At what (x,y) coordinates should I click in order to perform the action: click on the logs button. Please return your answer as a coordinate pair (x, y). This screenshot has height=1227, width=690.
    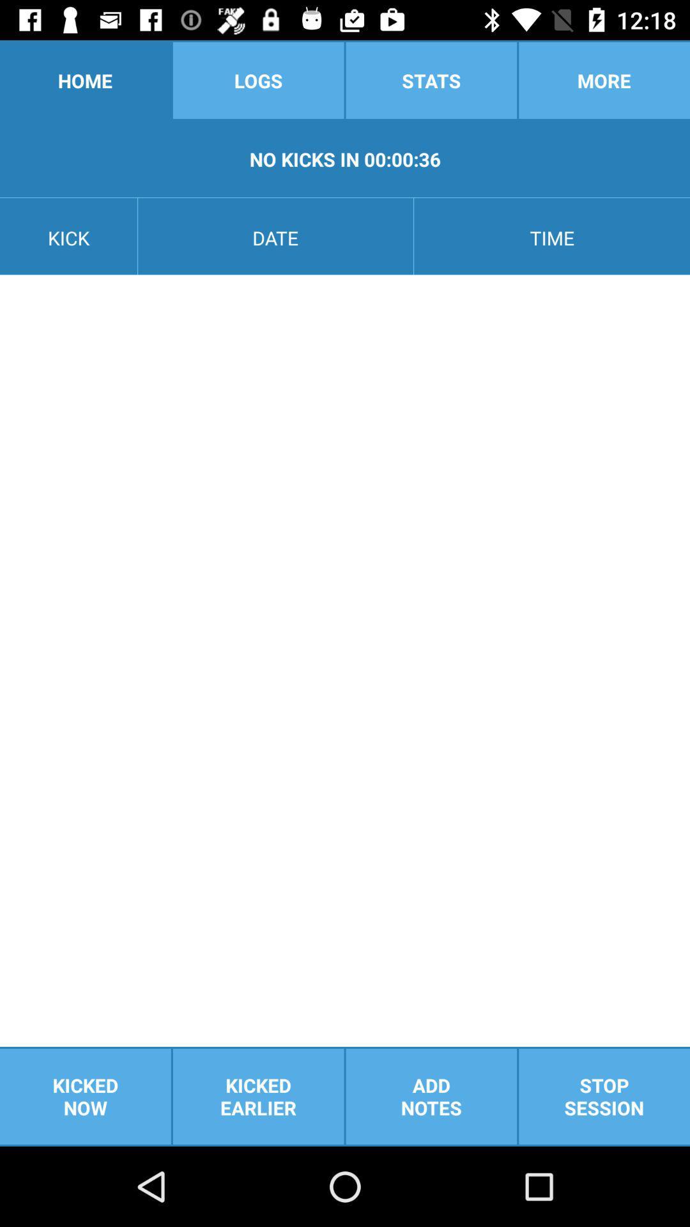
    Looking at the image, I should click on (258, 79).